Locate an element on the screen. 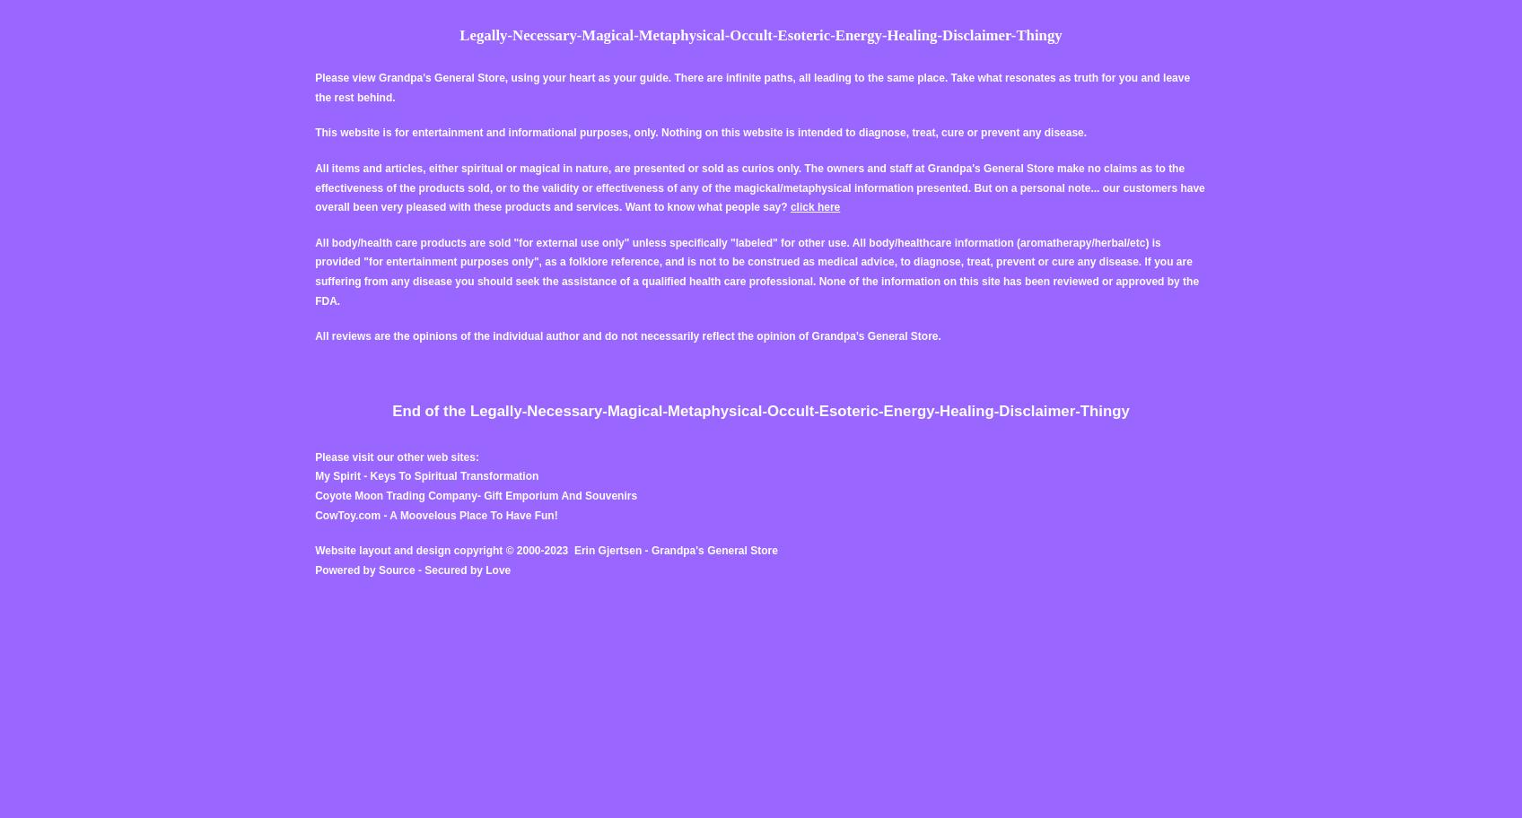  'End of the Legally-Necessary-Magical-Metaphysical-Occult-Esoteric-Energy-Healing-Disclaimer-Thingy' is located at coordinates (392, 411).